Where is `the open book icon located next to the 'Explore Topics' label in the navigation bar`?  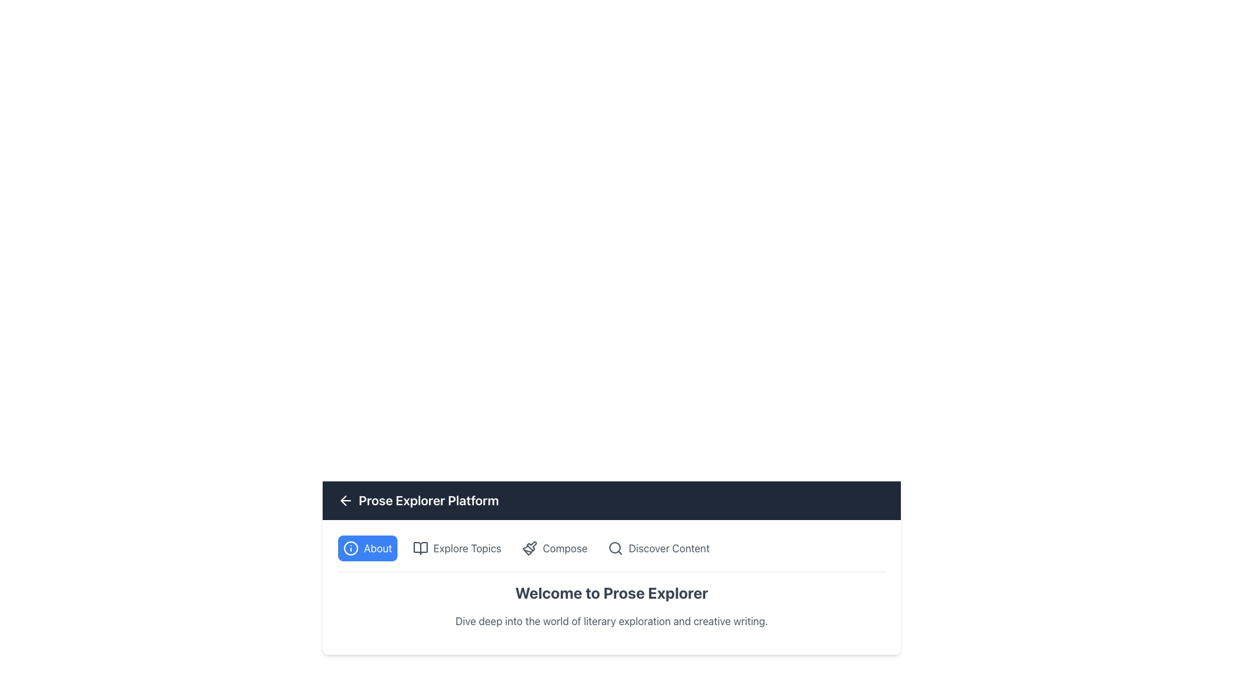 the open book icon located next to the 'Explore Topics' label in the navigation bar is located at coordinates (420, 548).